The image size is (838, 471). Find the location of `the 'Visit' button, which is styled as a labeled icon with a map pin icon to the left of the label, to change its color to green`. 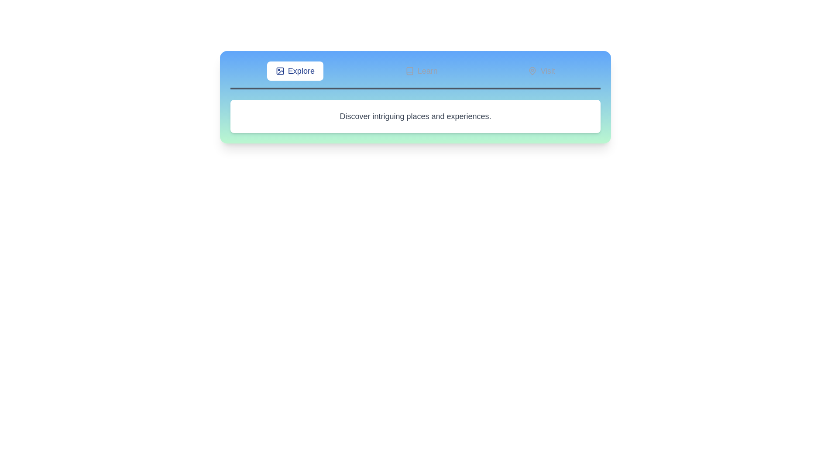

the 'Visit' button, which is styled as a labeled icon with a map pin icon to the left of the label, to change its color to green is located at coordinates (541, 70).